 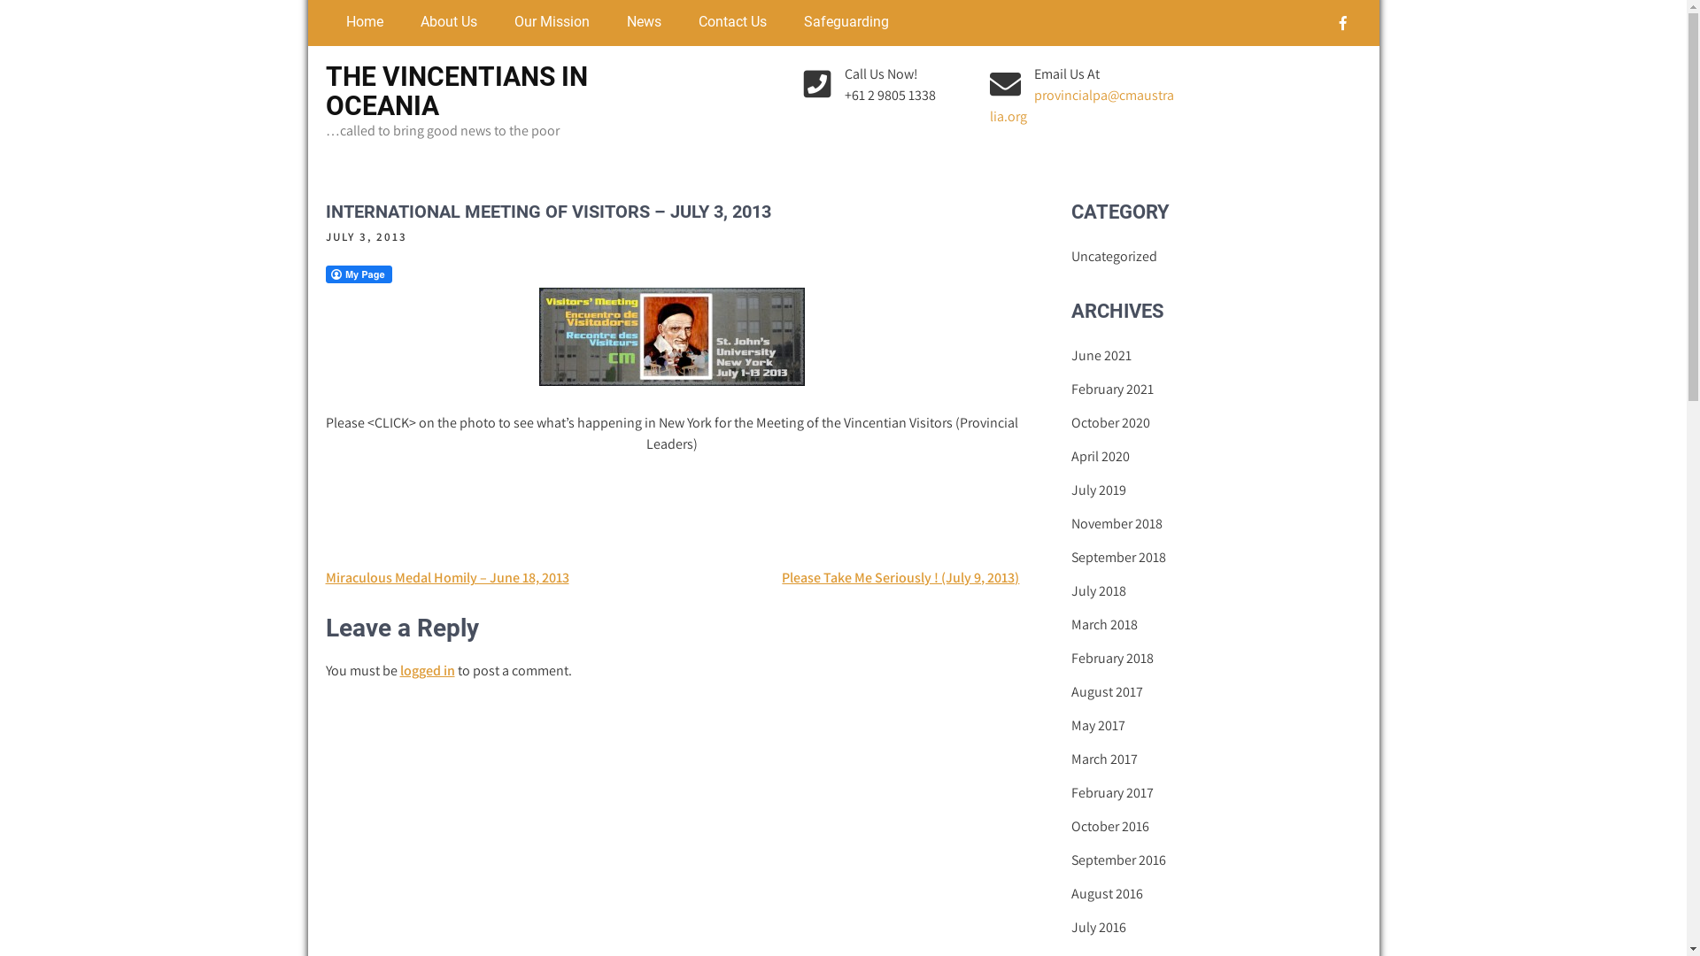 I want to click on 'June 2021', so click(x=1070, y=355).